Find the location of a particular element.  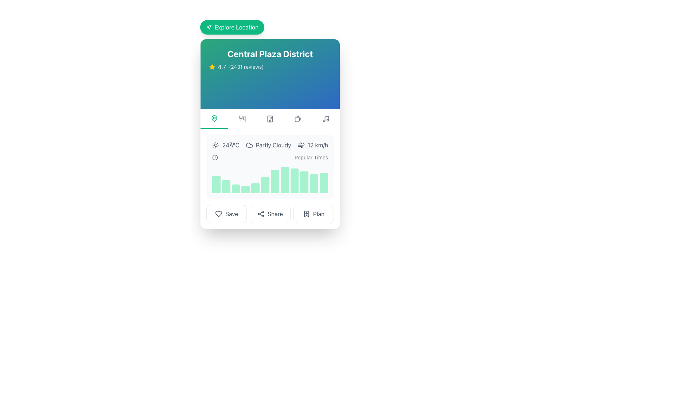

wind speed text label indicating 12 kilometers per hour for readability, located to the right of the 'Partly Cloudy' text and wind icon under 'Central Plaza District' is located at coordinates (318, 145).